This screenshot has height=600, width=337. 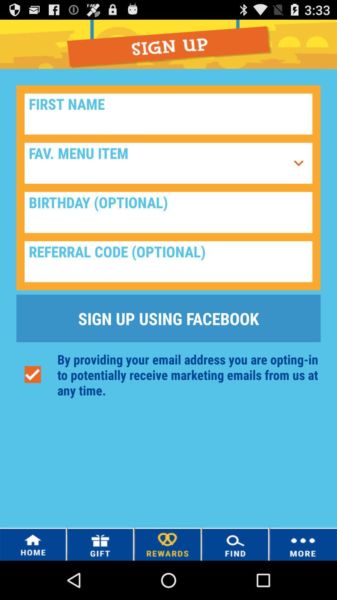 What do you see at coordinates (298, 163) in the screenshot?
I see `icon at the top right corner` at bounding box center [298, 163].